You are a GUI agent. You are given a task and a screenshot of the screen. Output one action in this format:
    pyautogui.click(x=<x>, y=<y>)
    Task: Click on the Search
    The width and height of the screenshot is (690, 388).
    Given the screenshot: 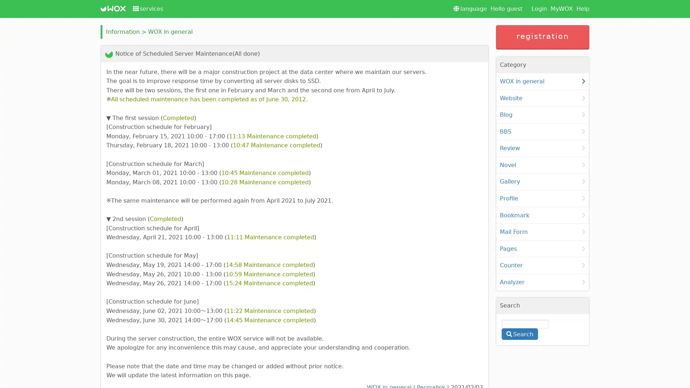 What is the action you would take?
    pyautogui.click(x=519, y=334)
    